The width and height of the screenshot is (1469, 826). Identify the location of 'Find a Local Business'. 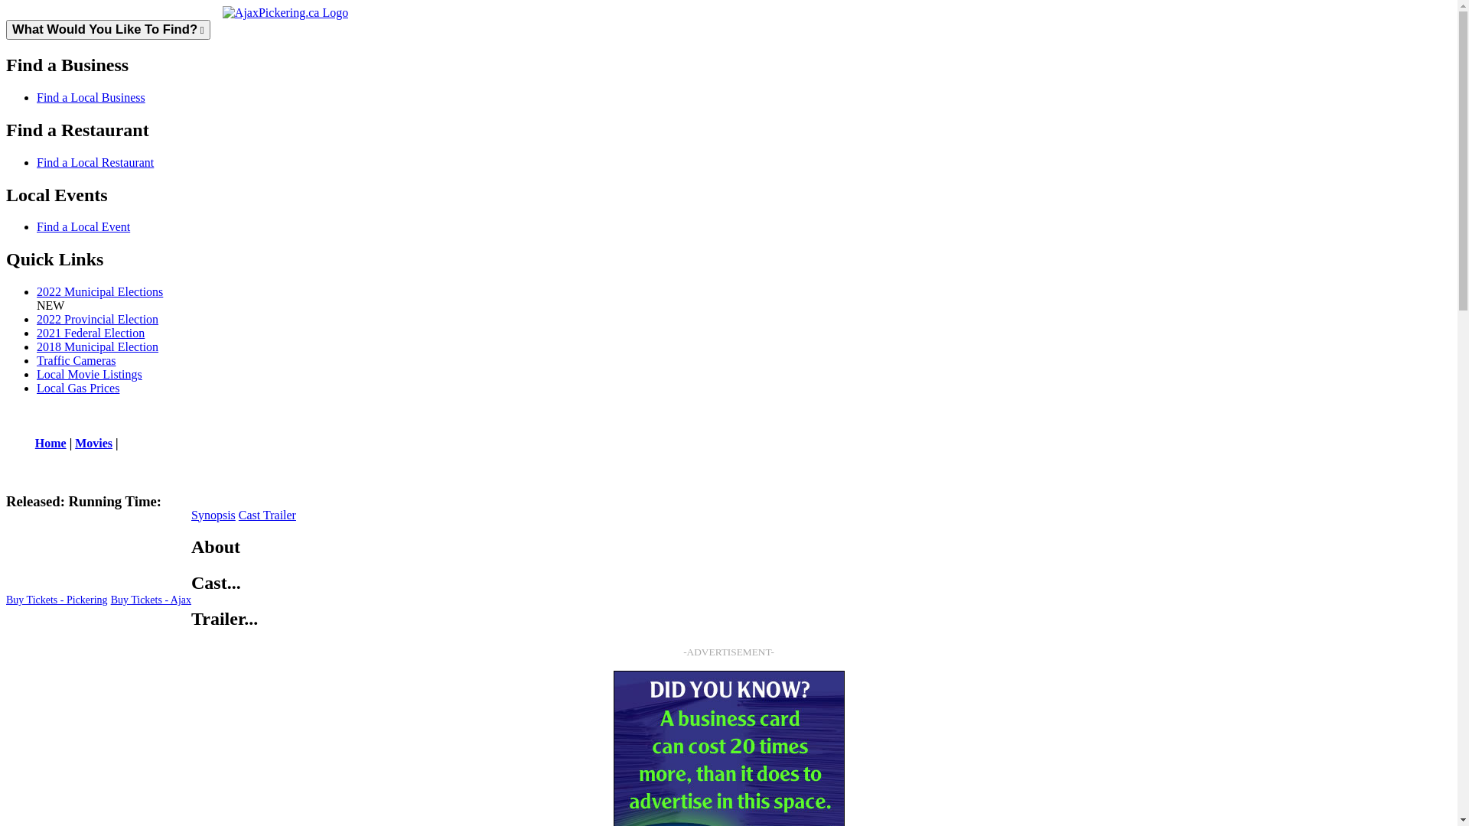
(90, 97).